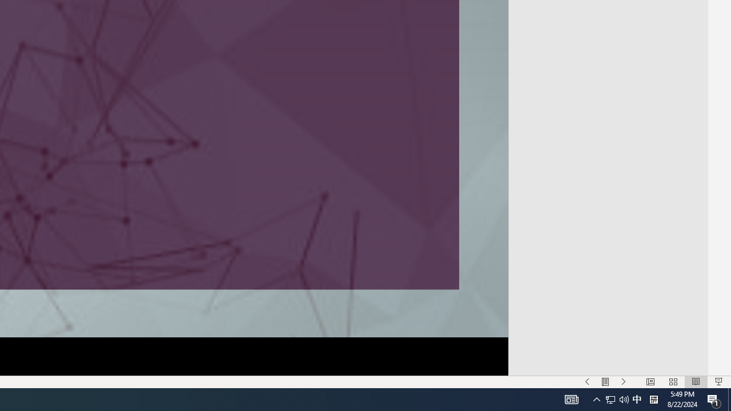  What do you see at coordinates (587, 382) in the screenshot?
I see `'Slide Show Previous On'` at bounding box center [587, 382].